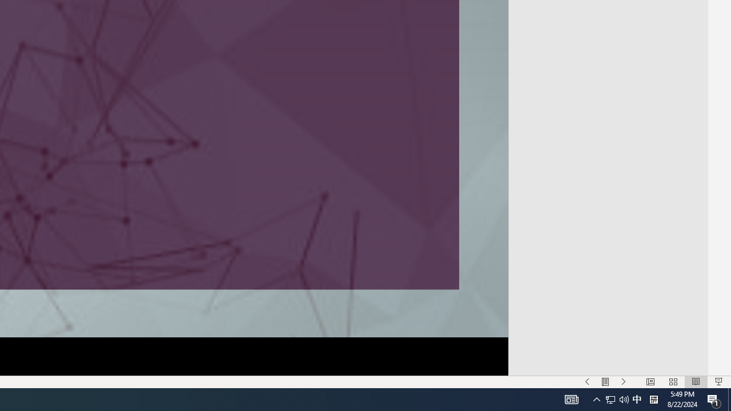  What do you see at coordinates (587, 382) in the screenshot?
I see `'Slide Show Previous On'` at bounding box center [587, 382].